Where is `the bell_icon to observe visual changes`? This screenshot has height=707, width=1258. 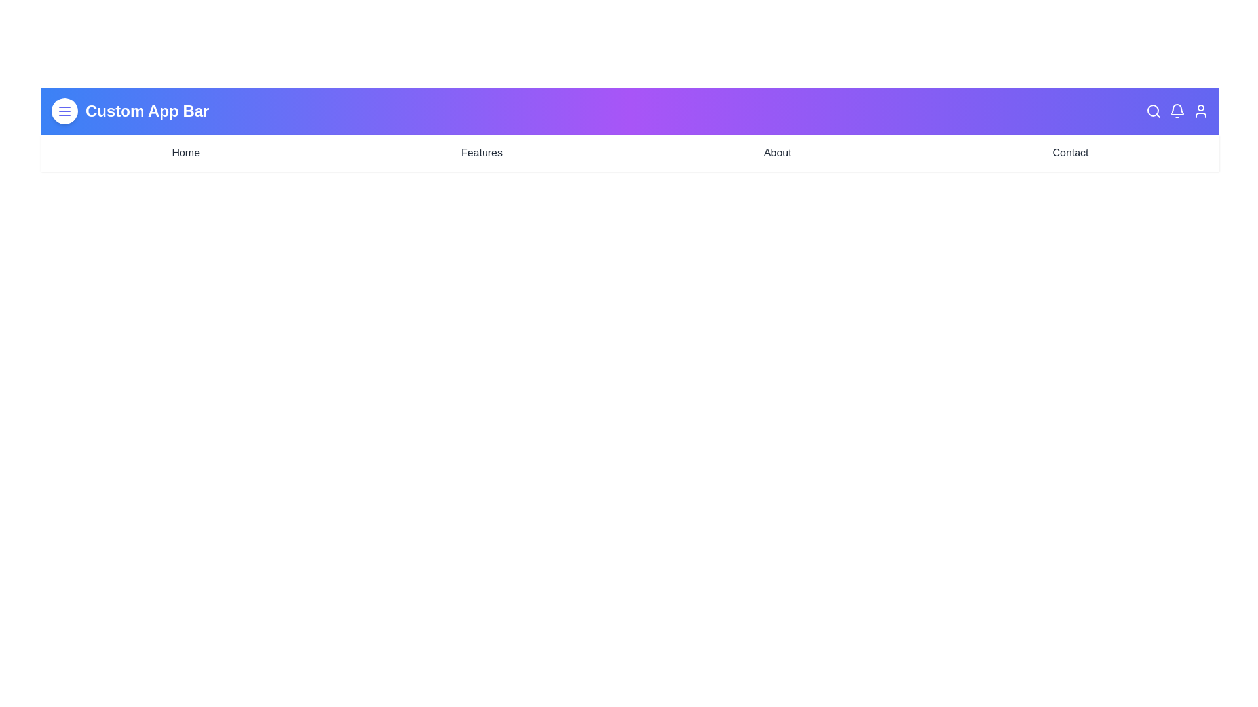
the bell_icon to observe visual changes is located at coordinates (1177, 110).